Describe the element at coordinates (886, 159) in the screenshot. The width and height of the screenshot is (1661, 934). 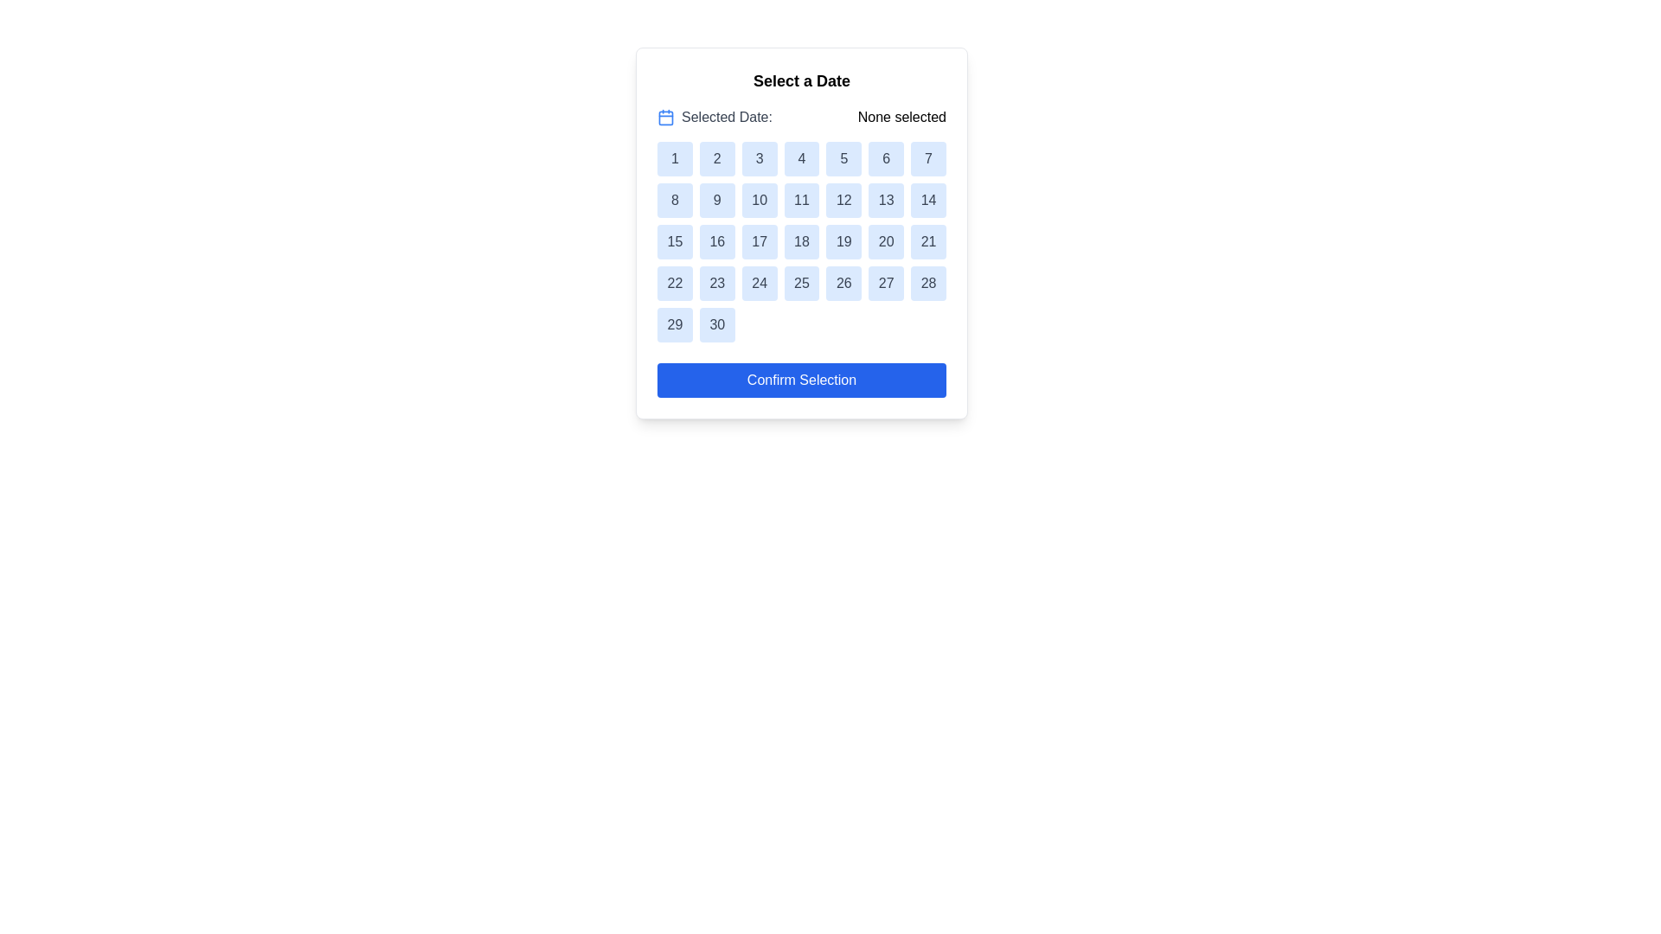
I see `the square button with a light blue background and the number '6' in gray` at that location.